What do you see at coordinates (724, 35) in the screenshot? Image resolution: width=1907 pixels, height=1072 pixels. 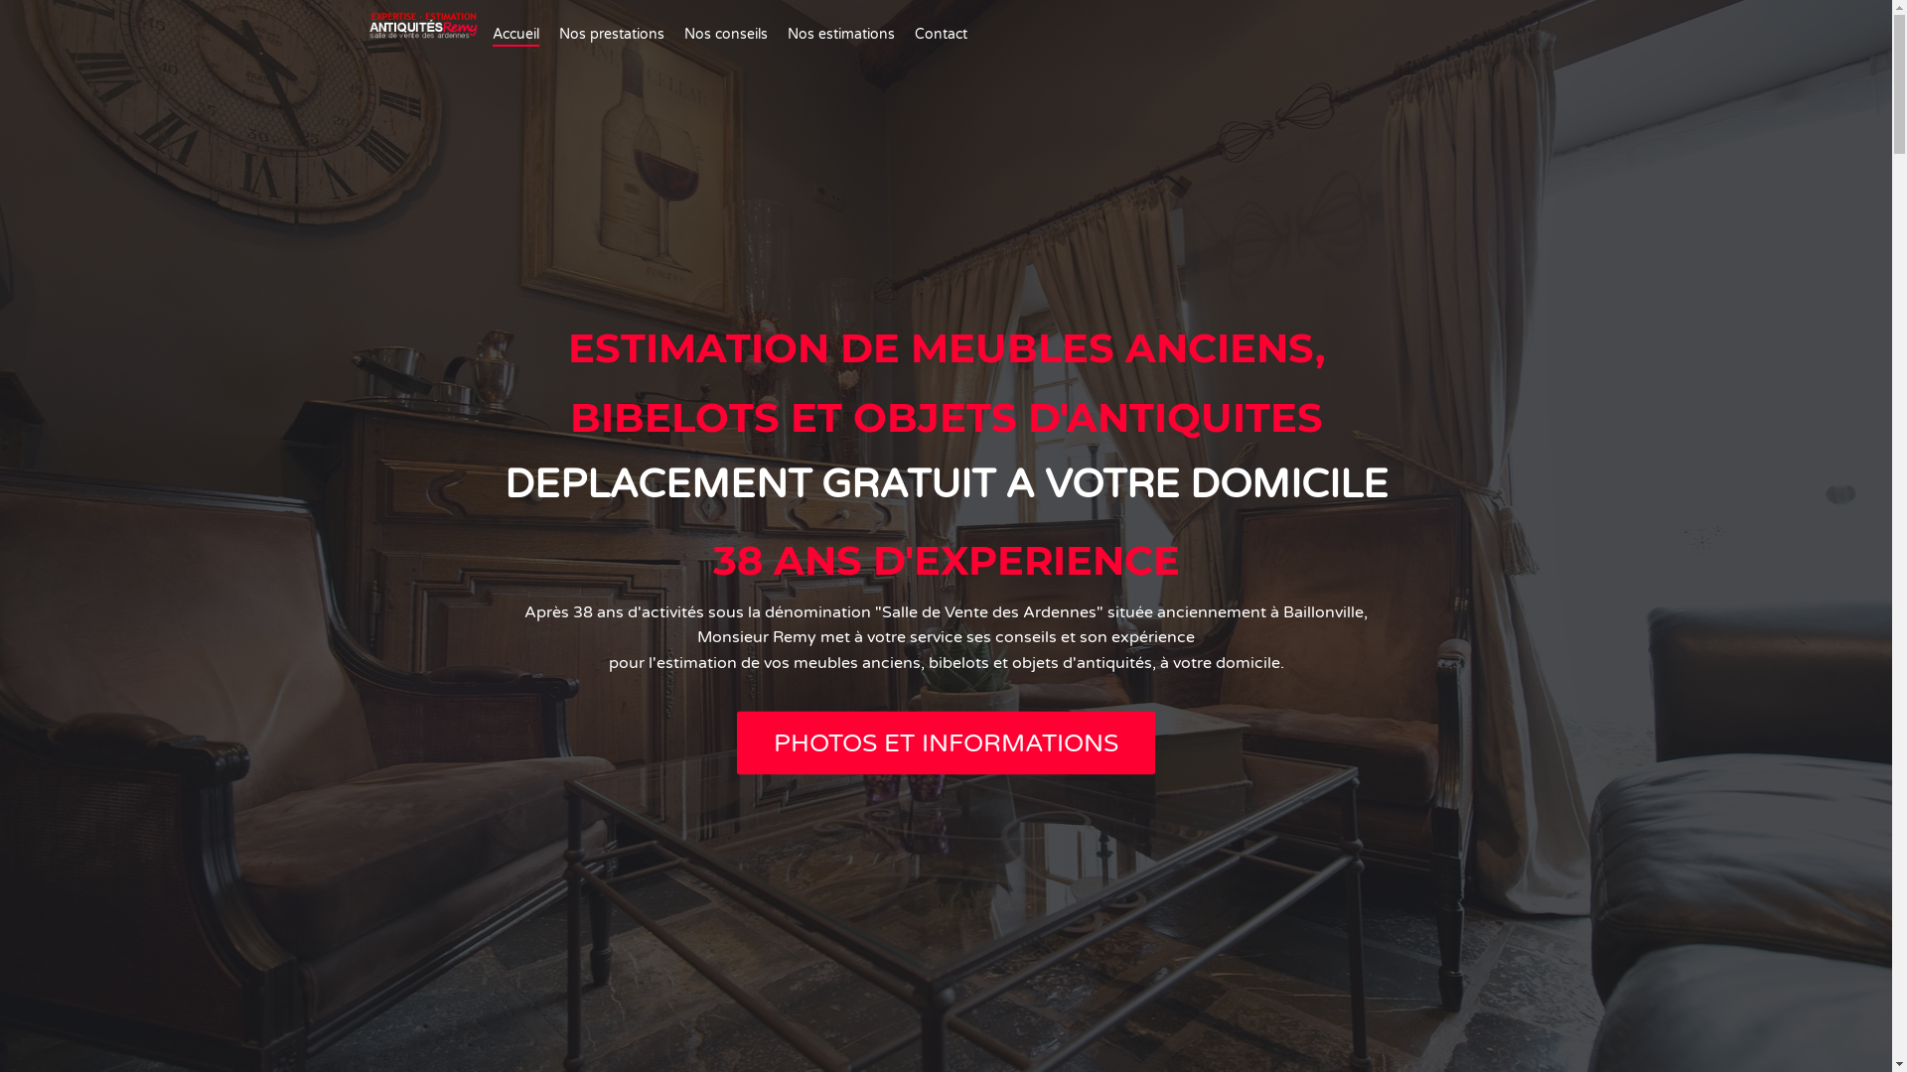 I see `'Nos conseils'` at bounding box center [724, 35].